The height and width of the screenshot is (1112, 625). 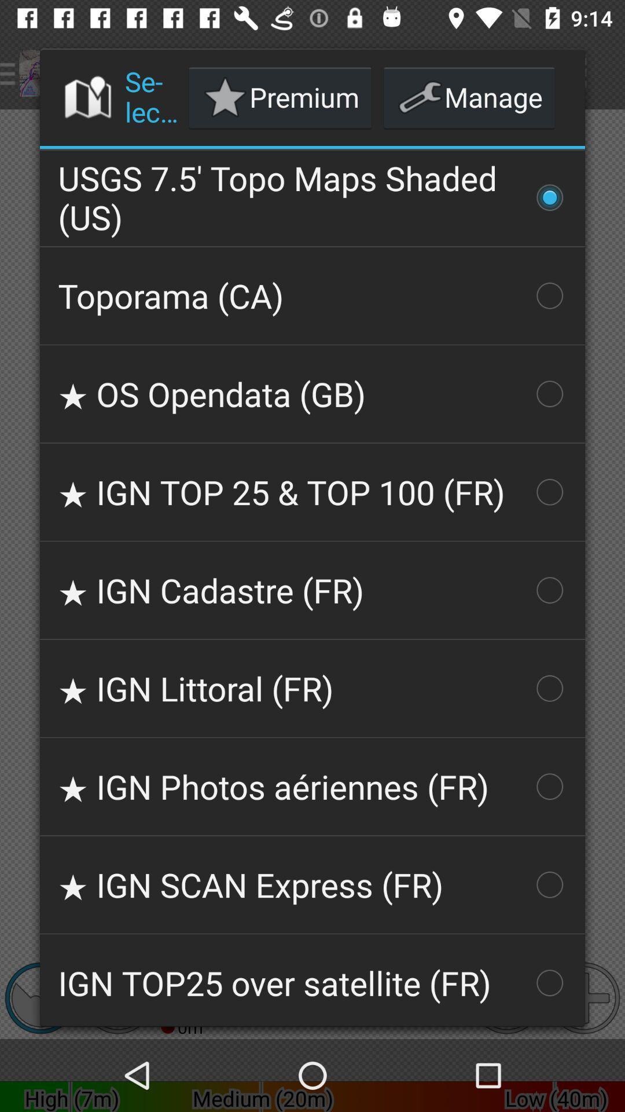 What do you see at coordinates (280, 97) in the screenshot?
I see `item to the right of the select a map icon` at bounding box center [280, 97].